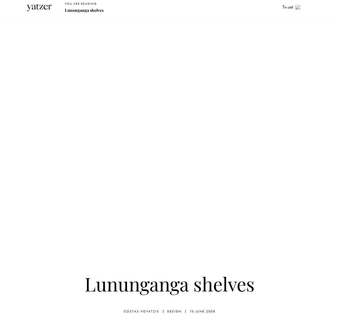 The height and width of the screenshot is (318, 339). What do you see at coordinates (243, 7) in the screenshot?
I see `'Search'` at bounding box center [243, 7].